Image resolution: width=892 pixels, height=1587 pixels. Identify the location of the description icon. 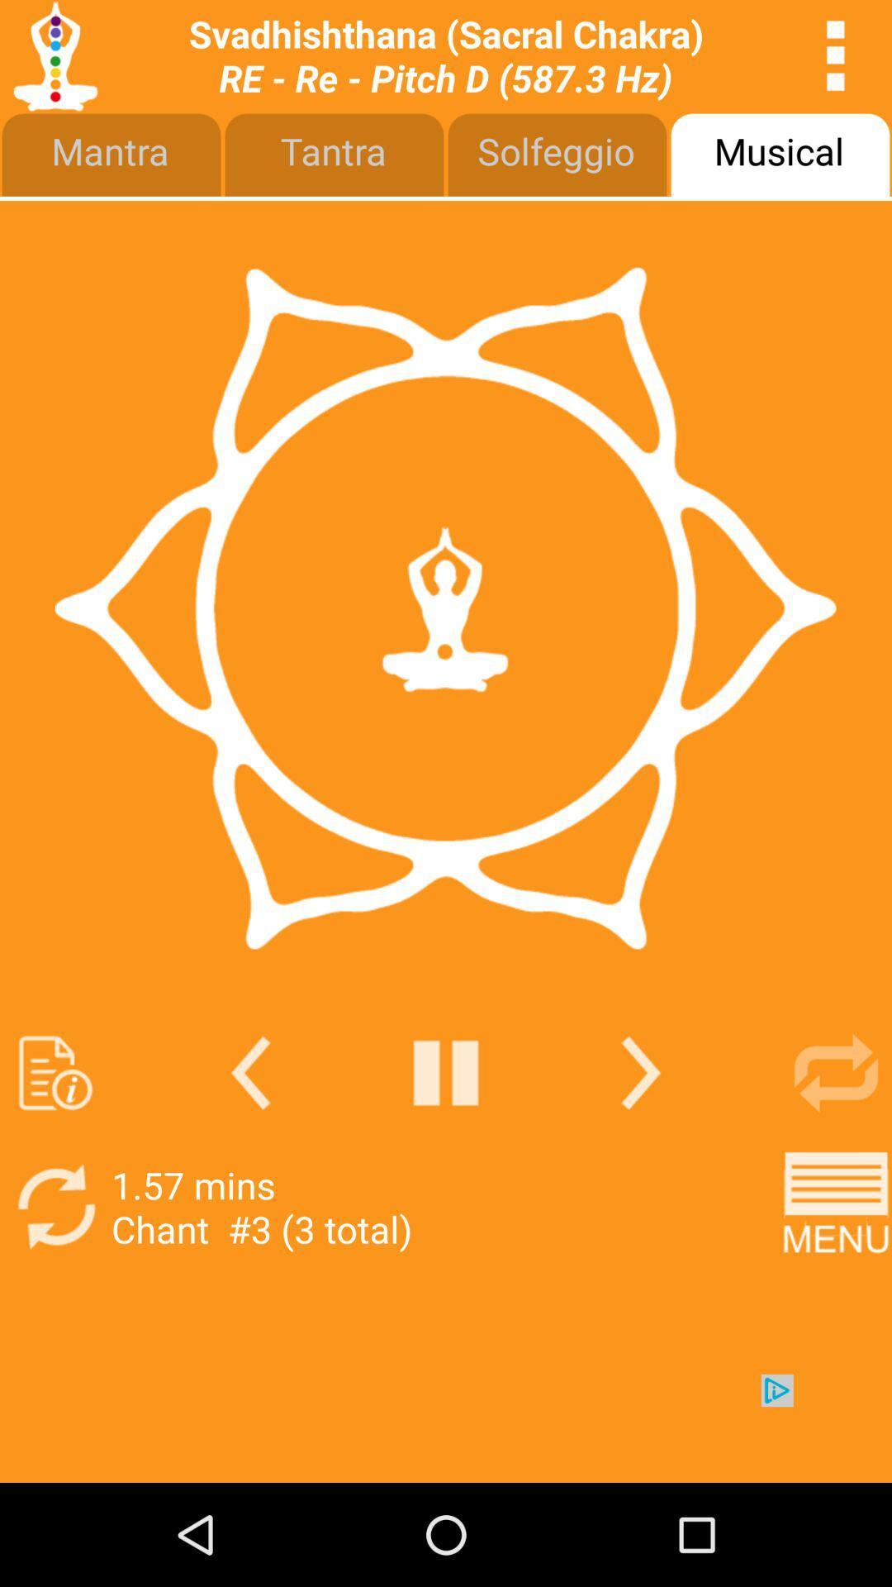
(55, 1147).